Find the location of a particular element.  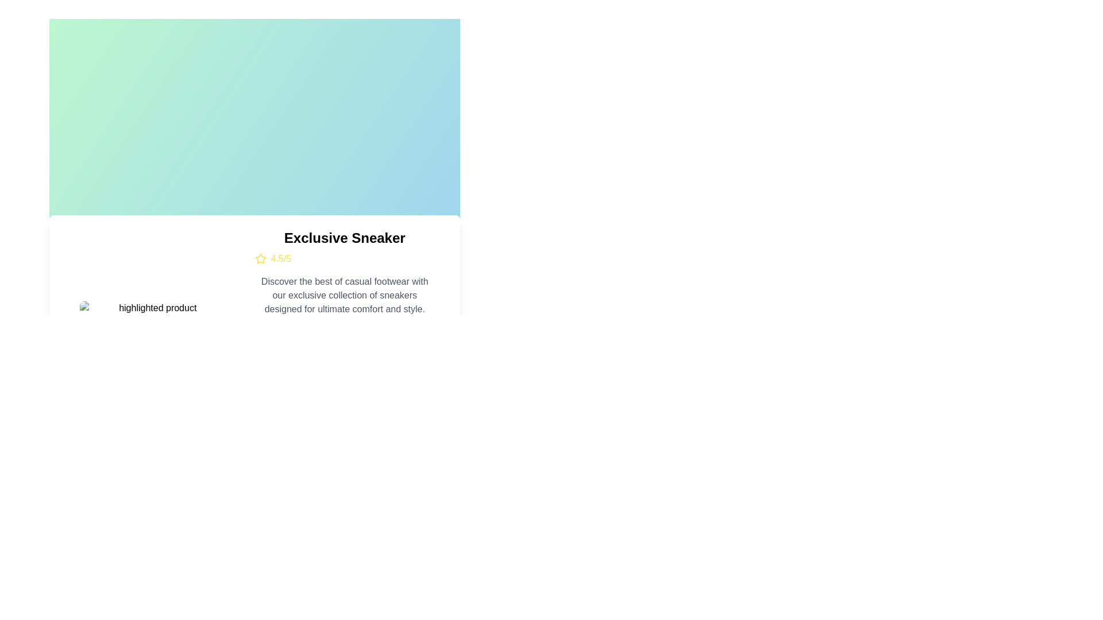

the small yellow star icon with a hollow center, which signifies a rating or favorite feature, located to the left of the rating text '4.5/5' is located at coordinates (260, 259).